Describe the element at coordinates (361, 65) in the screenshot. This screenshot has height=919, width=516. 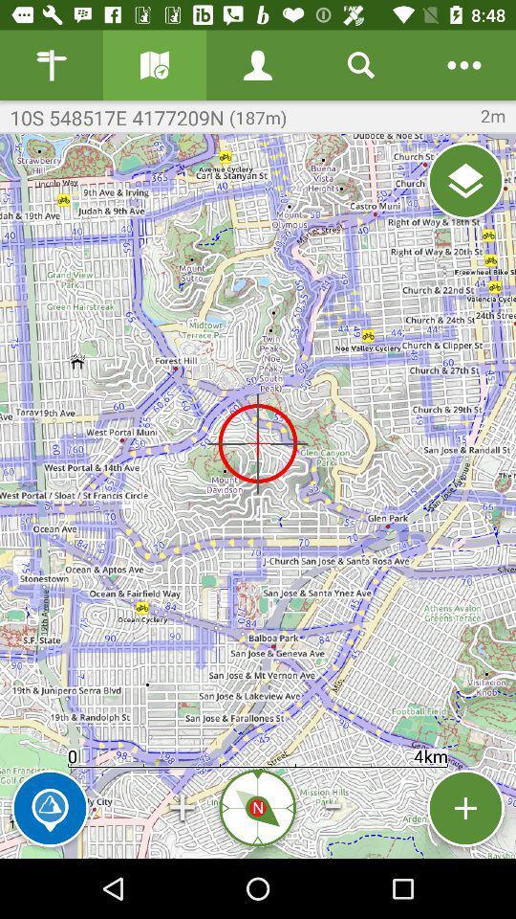
I see `search` at that location.